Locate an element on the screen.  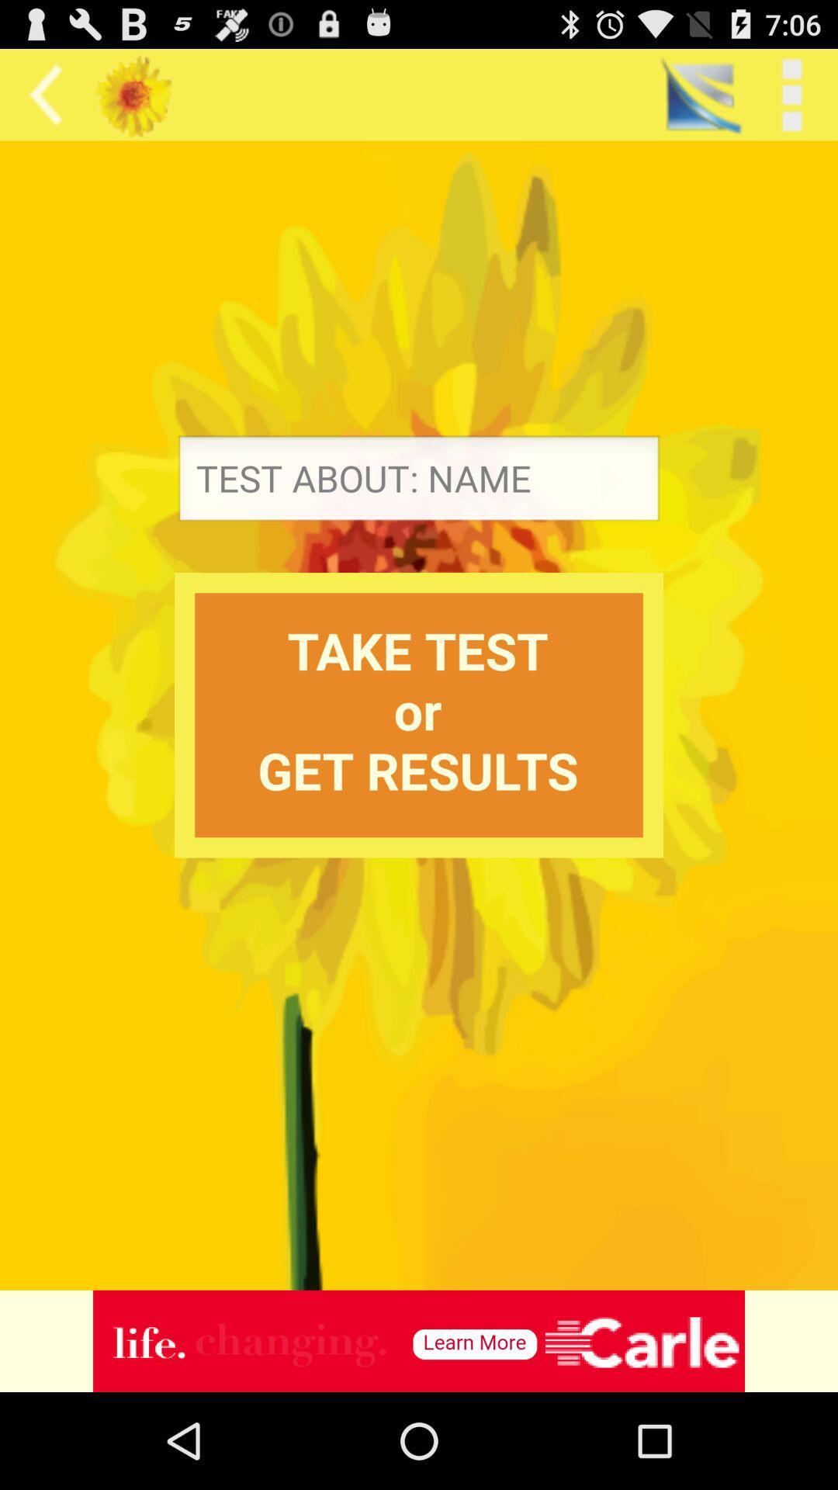
text about name is located at coordinates (419, 482).